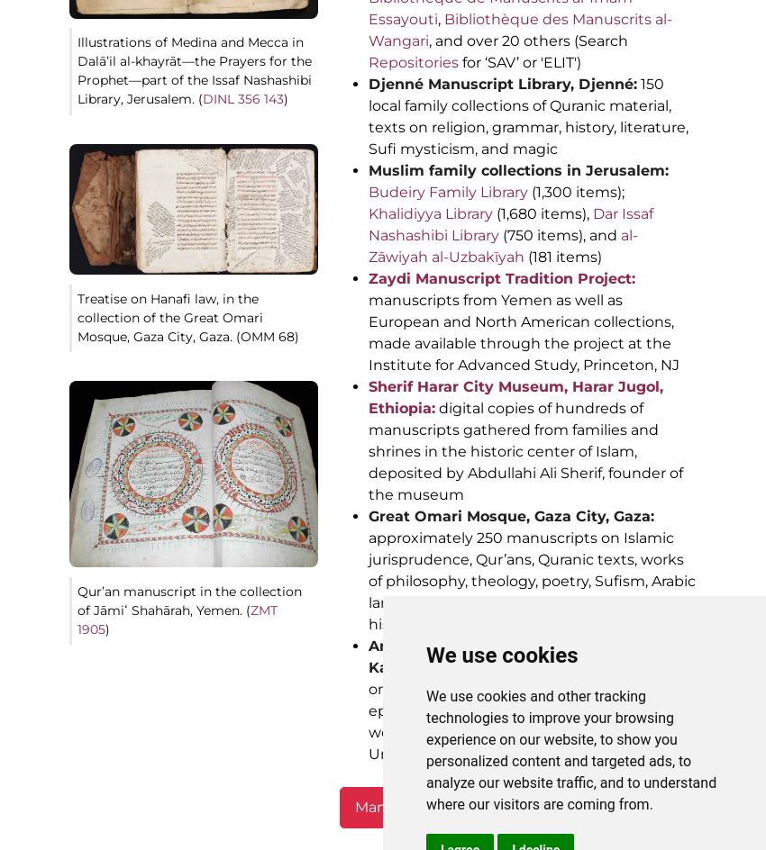  I want to click on 'Treatise on Hanafi law, in the collection of the Great Omari Mosque, Gaza City, Gaza. (OMM 68)', so click(187, 316).